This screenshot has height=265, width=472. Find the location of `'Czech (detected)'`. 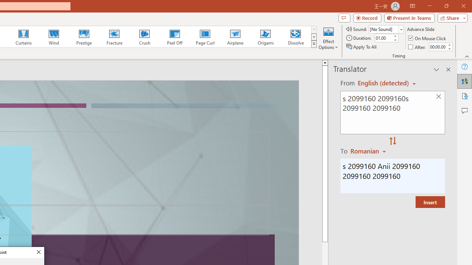

'Czech (detected)' is located at coordinates (383, 83).